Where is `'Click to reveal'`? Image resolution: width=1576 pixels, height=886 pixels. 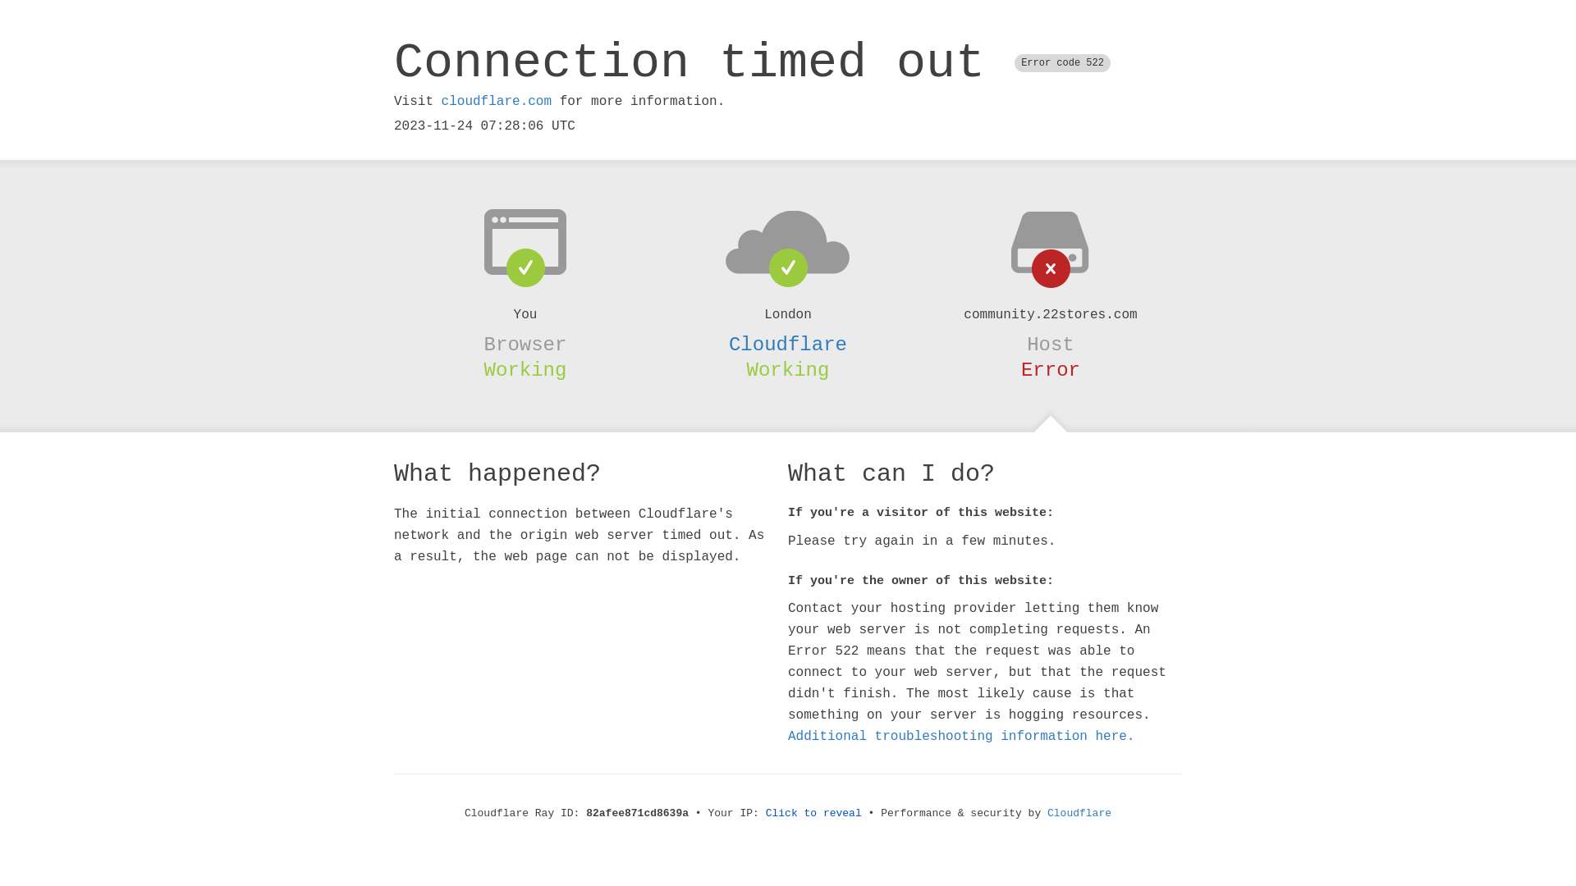 'Click to reveal' is located at coordinates (764, 813).